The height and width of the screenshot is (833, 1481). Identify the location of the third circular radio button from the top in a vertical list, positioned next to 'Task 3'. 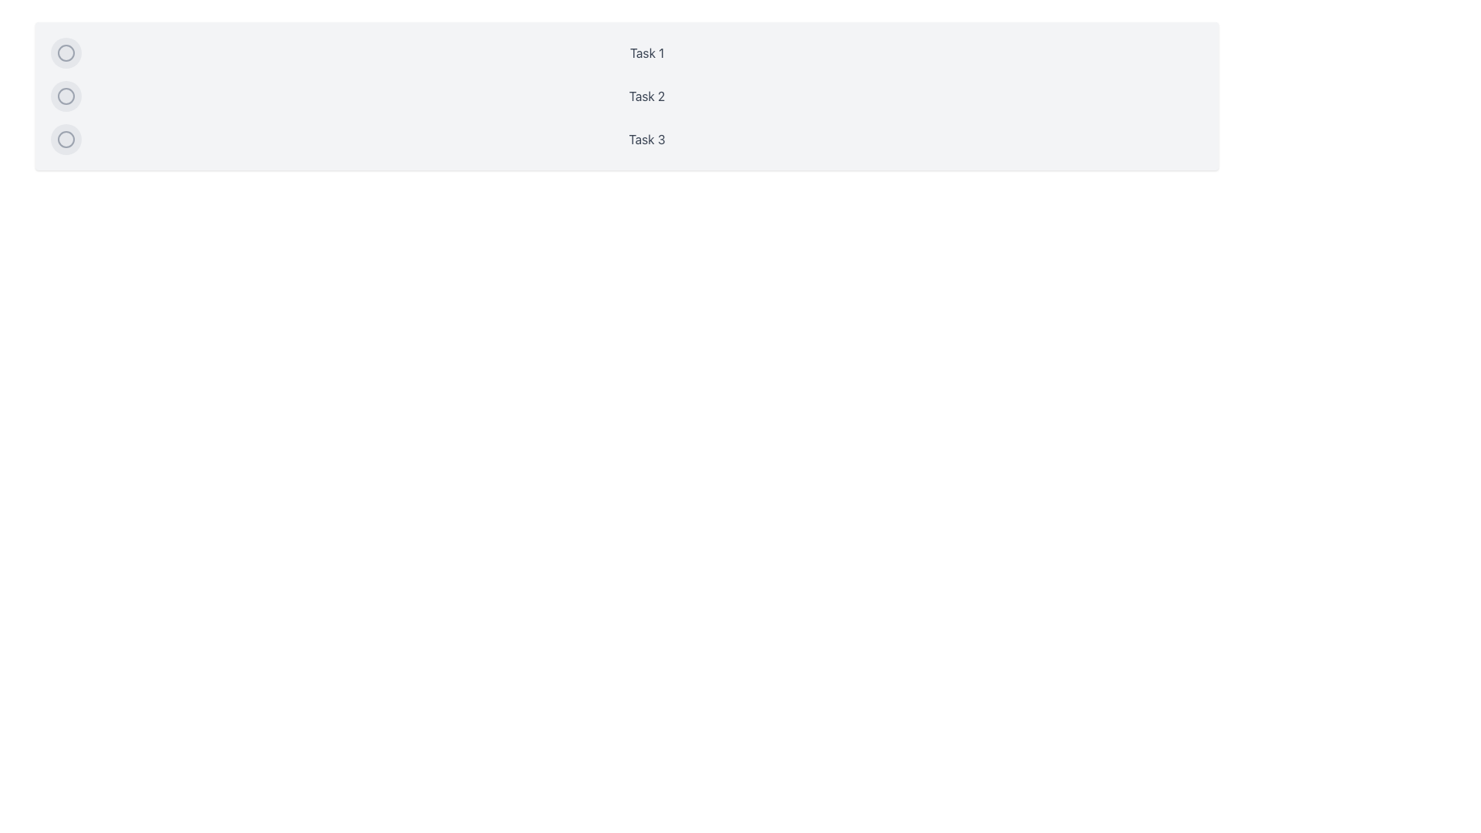
(66, 140).